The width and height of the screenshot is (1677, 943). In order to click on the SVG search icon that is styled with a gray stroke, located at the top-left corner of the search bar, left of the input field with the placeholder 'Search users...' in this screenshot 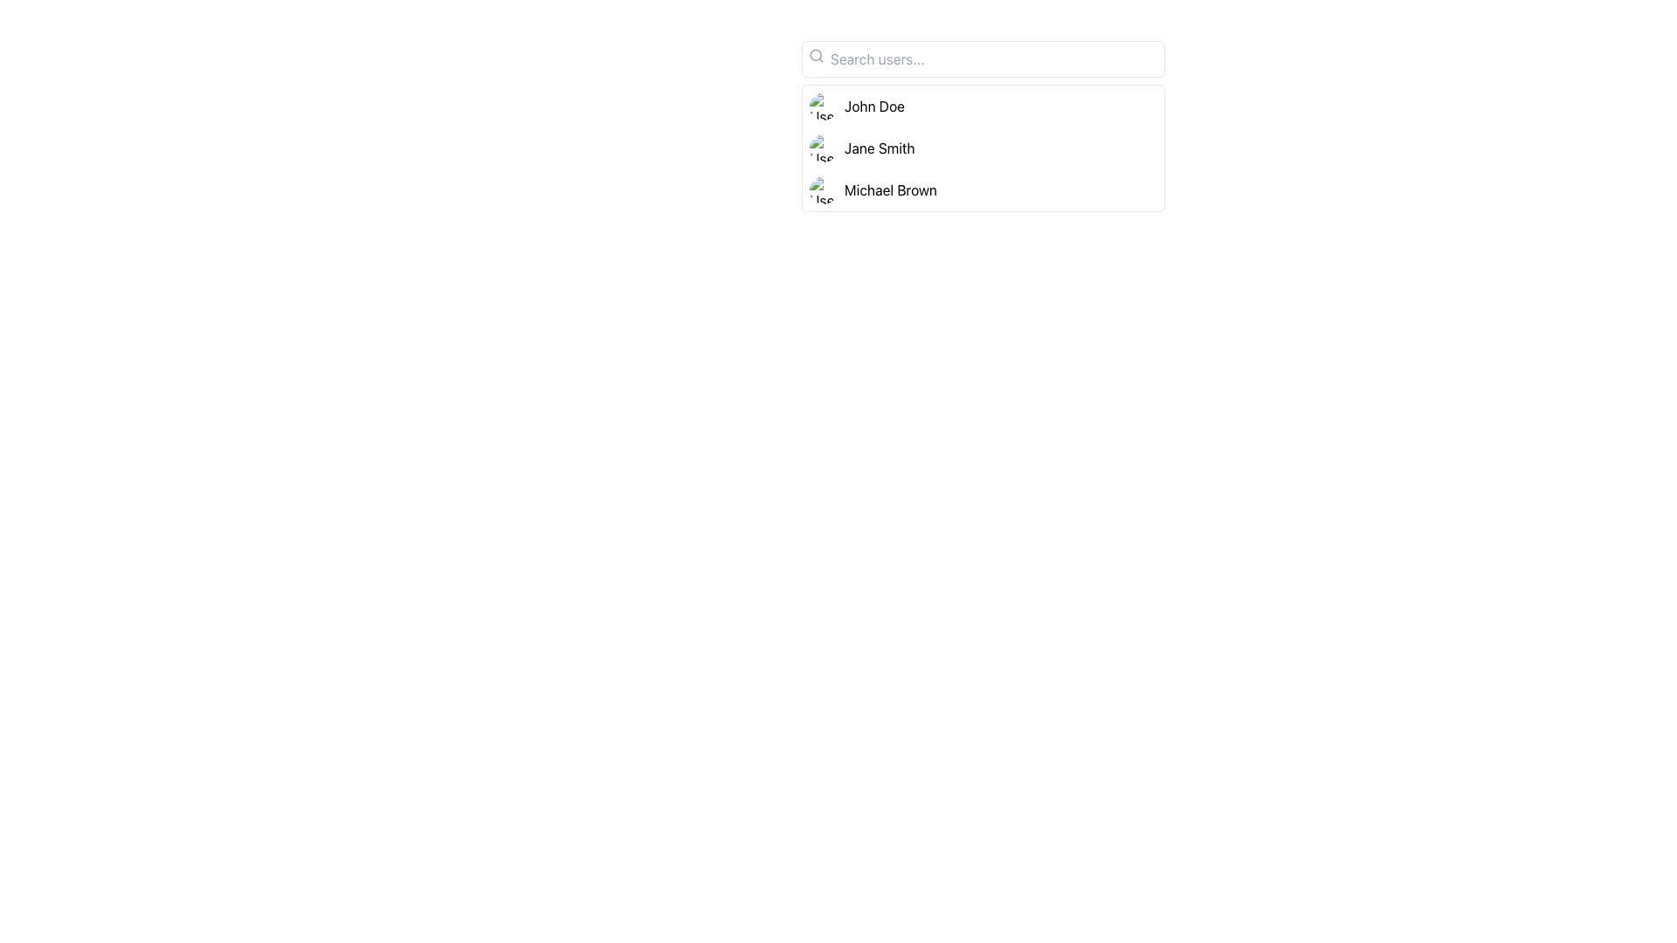, I will do `click(816, 55)`.